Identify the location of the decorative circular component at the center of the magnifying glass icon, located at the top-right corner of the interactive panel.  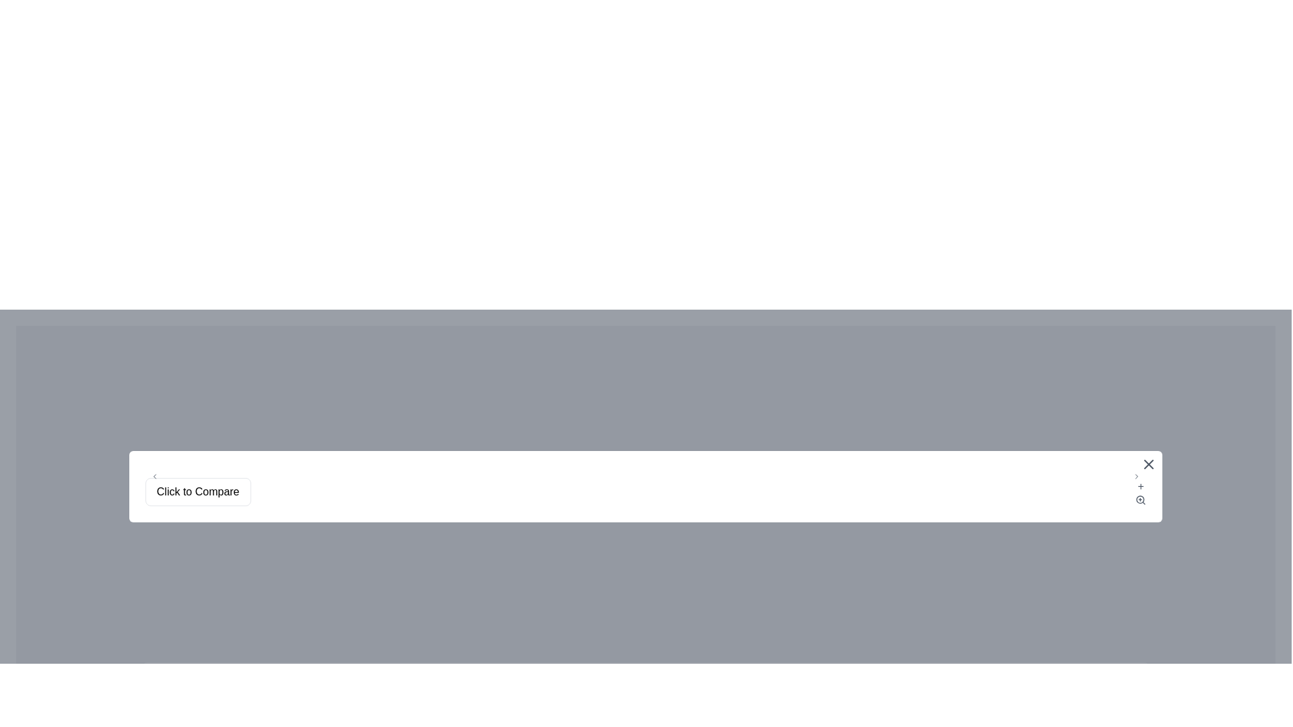
(1139, 499).